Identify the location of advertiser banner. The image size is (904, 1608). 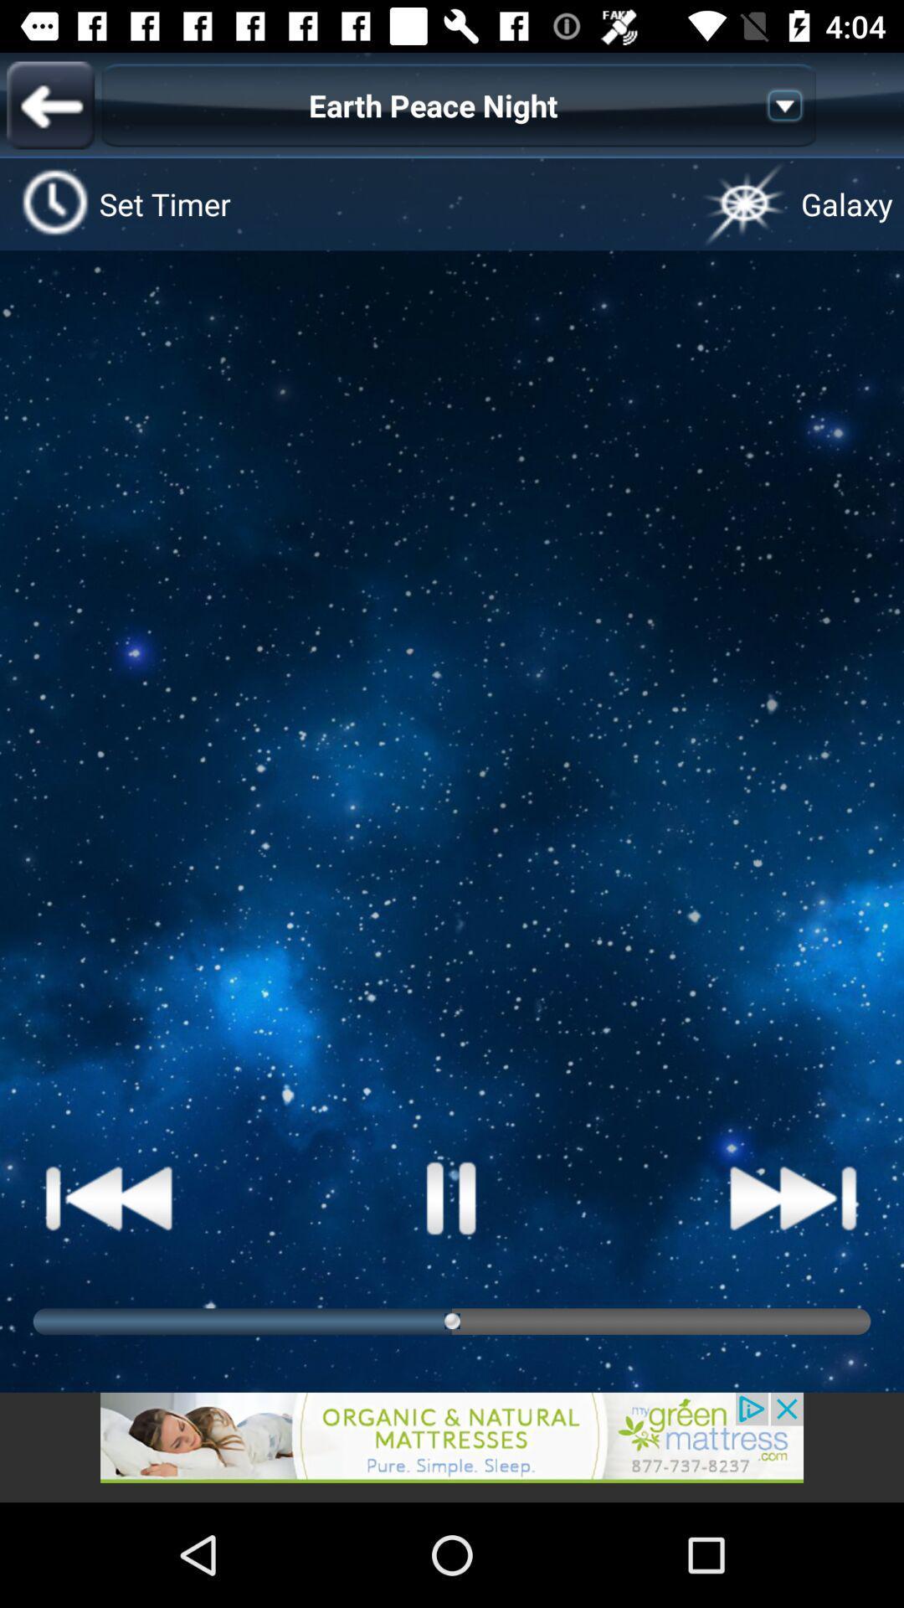
(452, 1446).